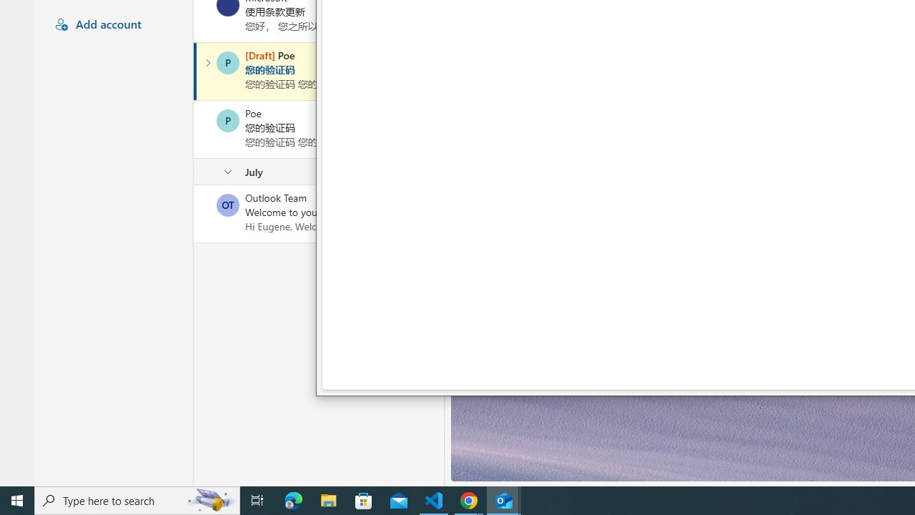 This screenshot has height=515, width=915. I want to click on 'File Explorer', so click(328, 499).